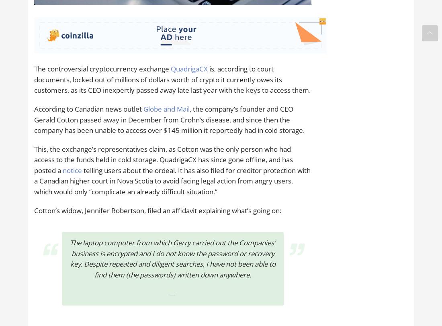  What do you see at coordinates (62, 170) in the screenshot?
I see `'notice'` at bounding box center [62, 170].